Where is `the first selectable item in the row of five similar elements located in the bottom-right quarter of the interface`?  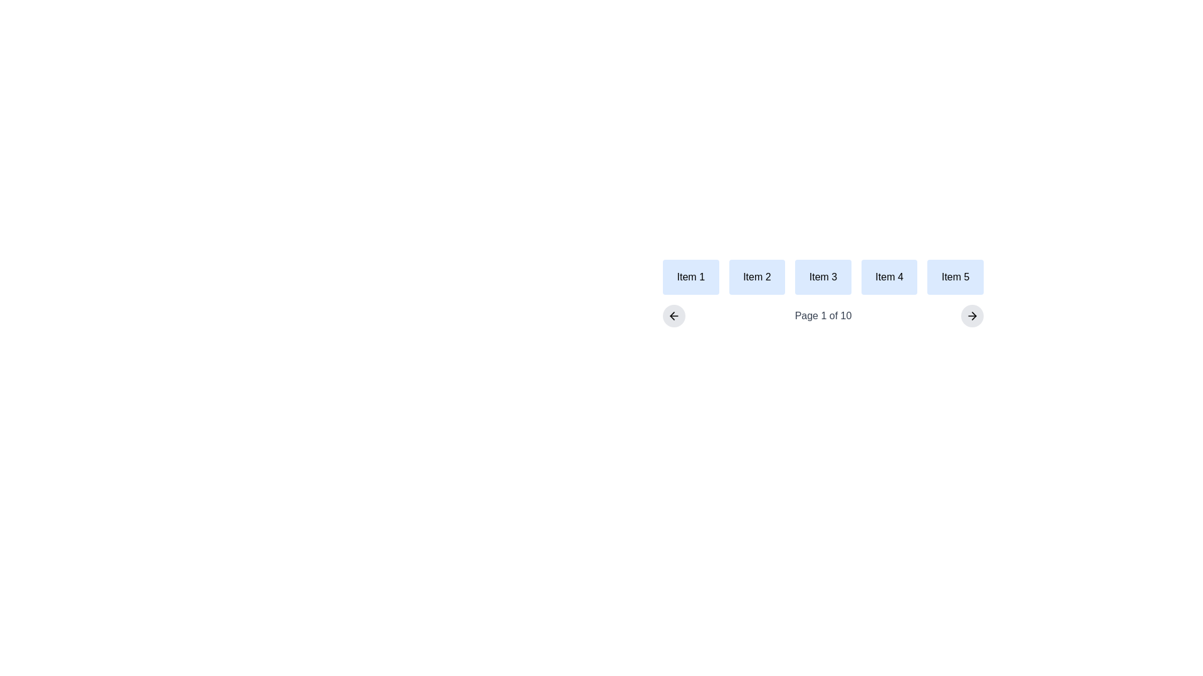
the first selectable item in the row of five similar elements located in the bottom-right quarter of the interface is located at coordinates (690, 277).